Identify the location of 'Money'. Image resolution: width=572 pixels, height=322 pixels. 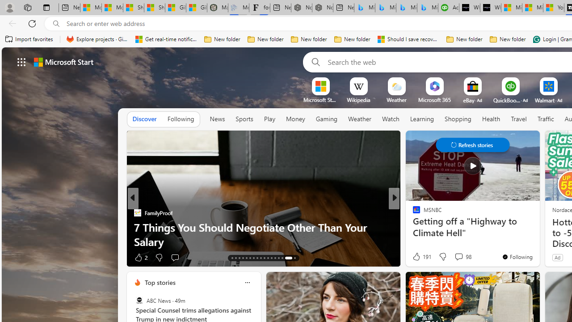
(295, 119).